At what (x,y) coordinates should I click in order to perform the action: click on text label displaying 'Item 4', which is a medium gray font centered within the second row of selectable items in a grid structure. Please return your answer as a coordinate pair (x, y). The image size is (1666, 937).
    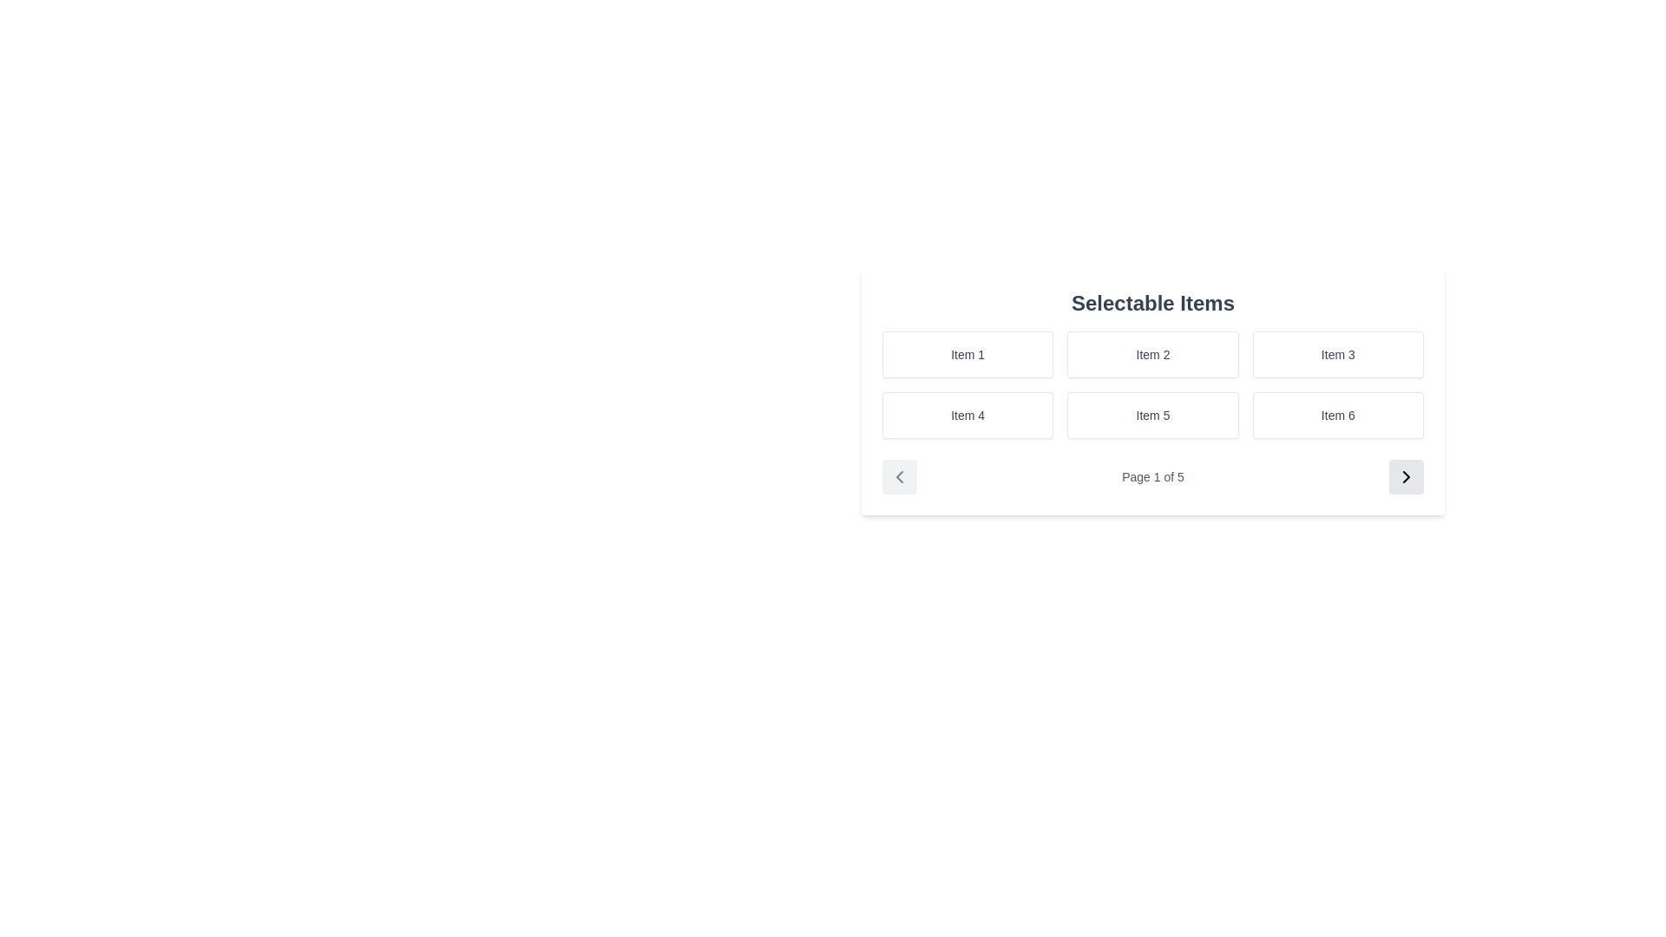
    Looking at the image, I should click on (967, 415).